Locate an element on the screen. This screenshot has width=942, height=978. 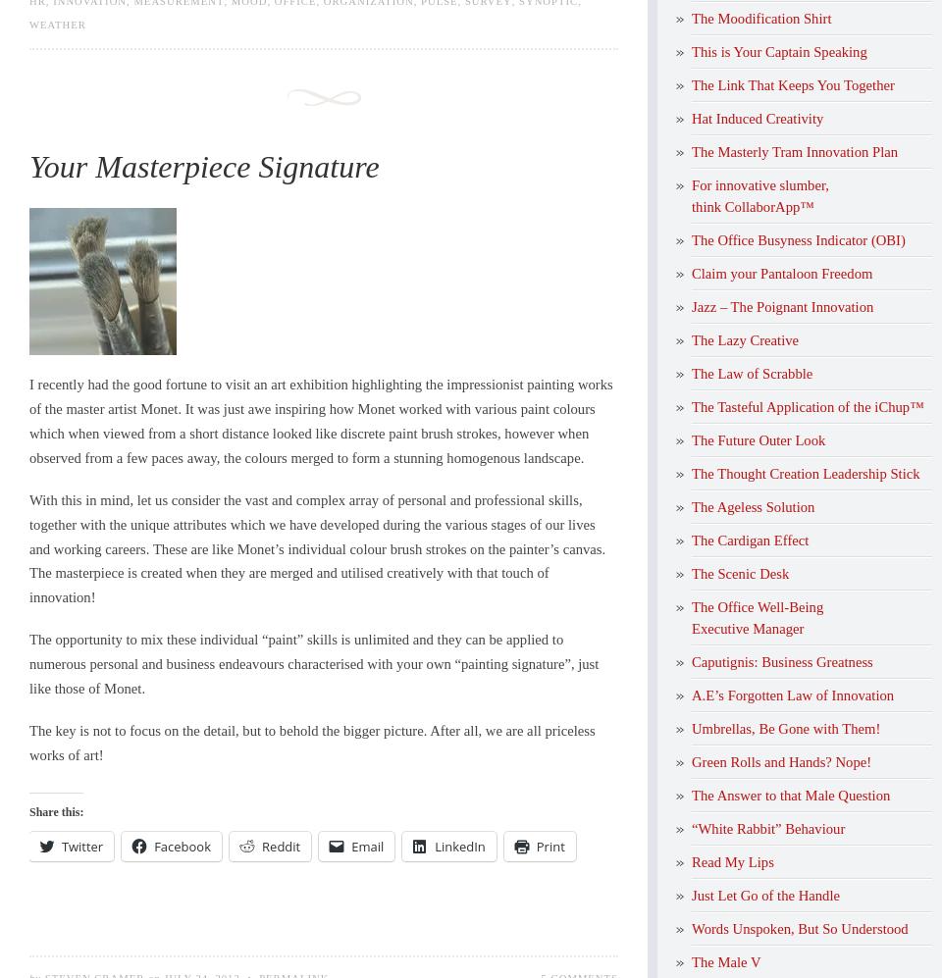
'The Law of Scrabble' is located at coordinates (751, 372).